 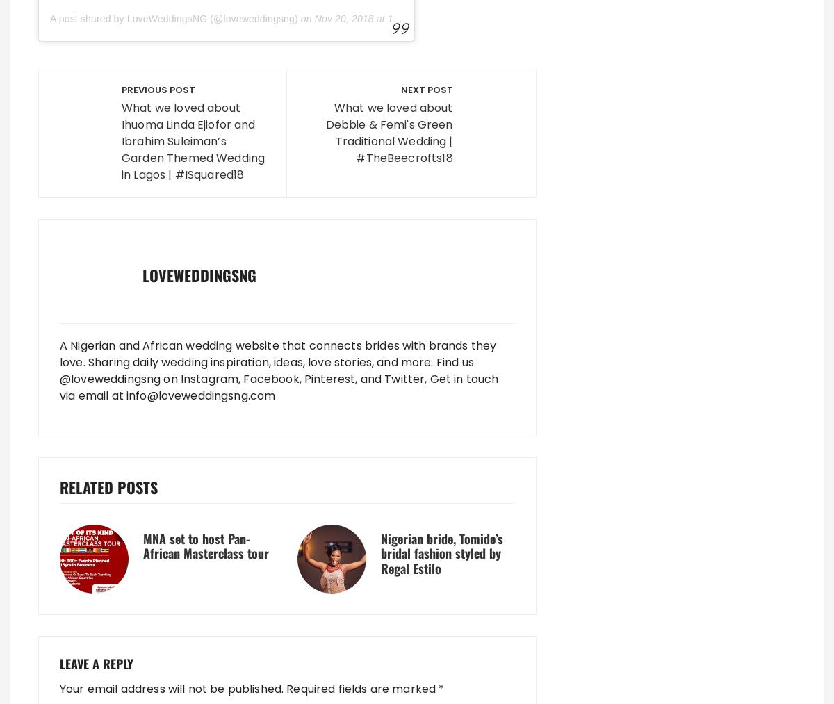 What do you see at coordinates (85, 359) in the screenshot?
I see `'Website'` at bounding box center [85, 359].